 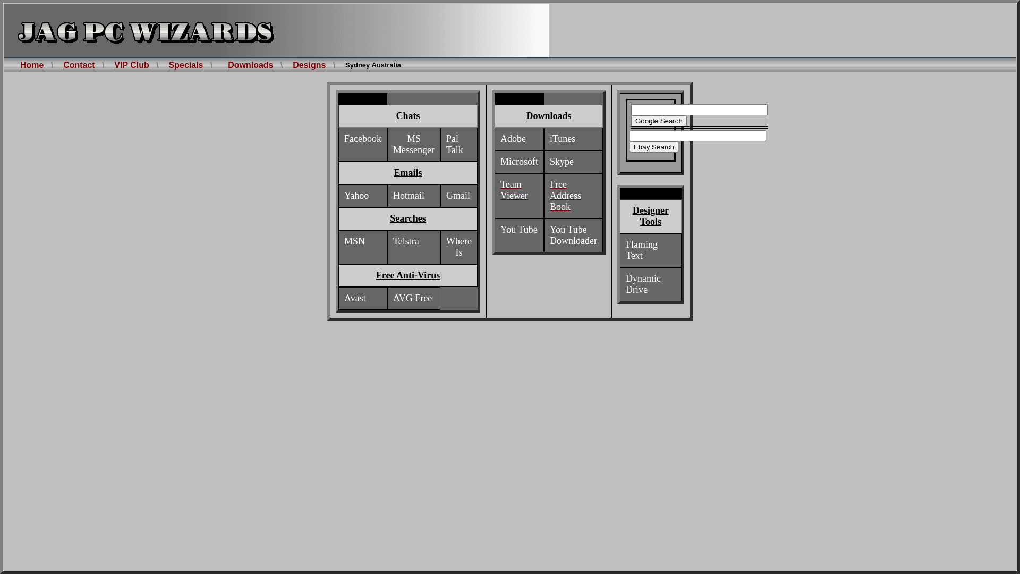 What do you see at coordinates (561, 162) in the screenshot?
I see `'Skype'` at bounding box center [561, 162].